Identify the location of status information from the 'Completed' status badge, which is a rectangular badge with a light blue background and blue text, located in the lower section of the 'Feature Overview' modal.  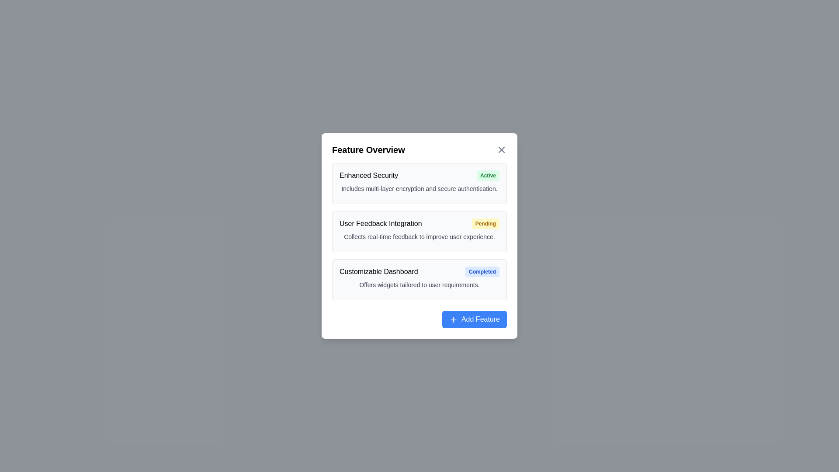
(482, 271).